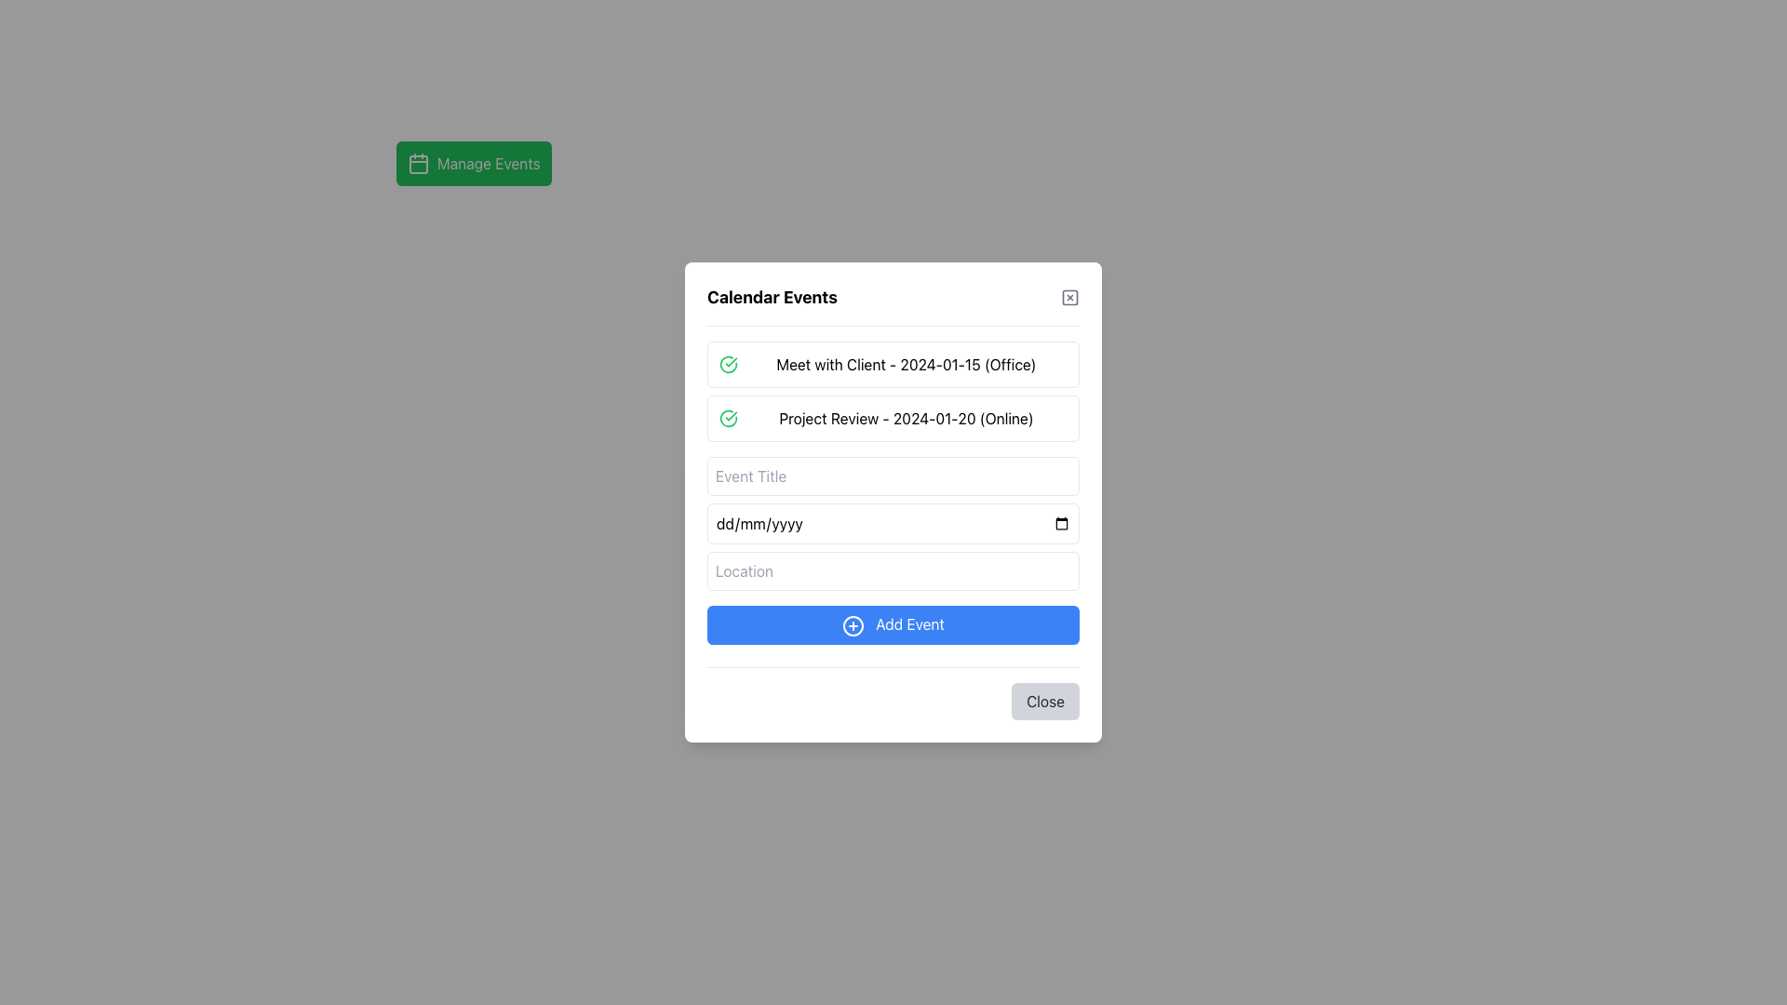  What do you see at coordinates (893, 365) in the screenshot?
I see `the first list item in the 'Calendar Events' modal dialog, which has a white background, a green checkmark icon, and the text 'Meet with Client - 2024-01-15 (Office)'` at bounding box center [893, 365].